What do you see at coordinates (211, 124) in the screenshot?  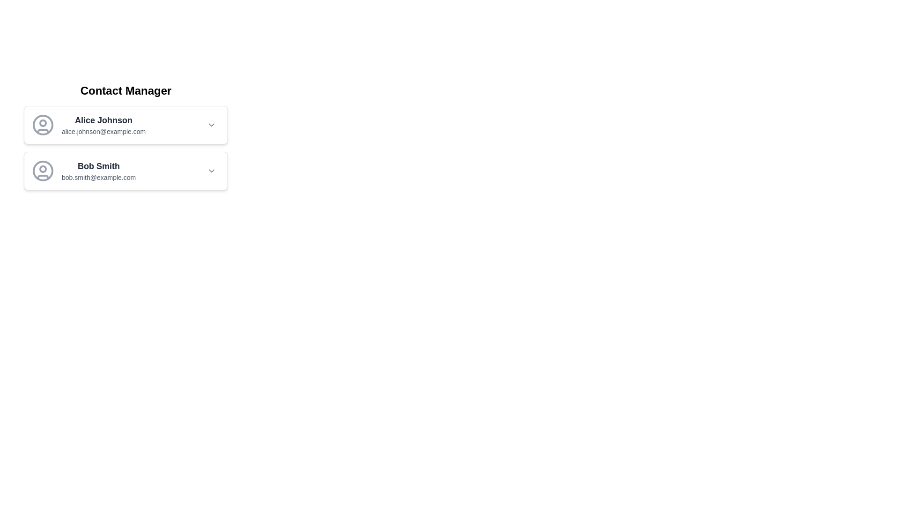 I see `the small downward-pointing chevron icon located next to 'Alice Johnson' to check the visual feedback of the clickable button` at bounding box center [211, 124].